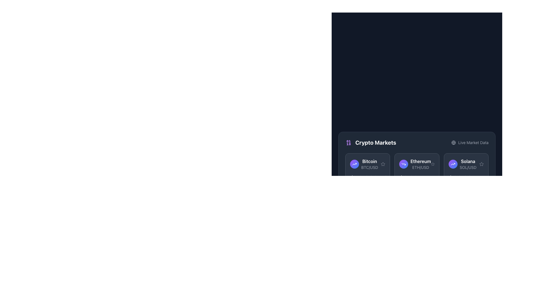  What do you see at coordinates (417, 170) in the screenshot?
I see `the Ethereum summary card located in the Crypto Markets section, which is the middle card in a grid layout displaying three cryptocurrency cards` at bounding box center [417, 170].